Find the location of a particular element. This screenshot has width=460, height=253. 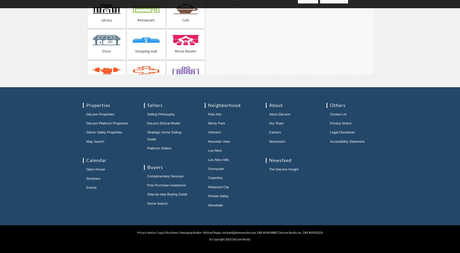

'Shopping mall' is located at coordinates (146, 51).